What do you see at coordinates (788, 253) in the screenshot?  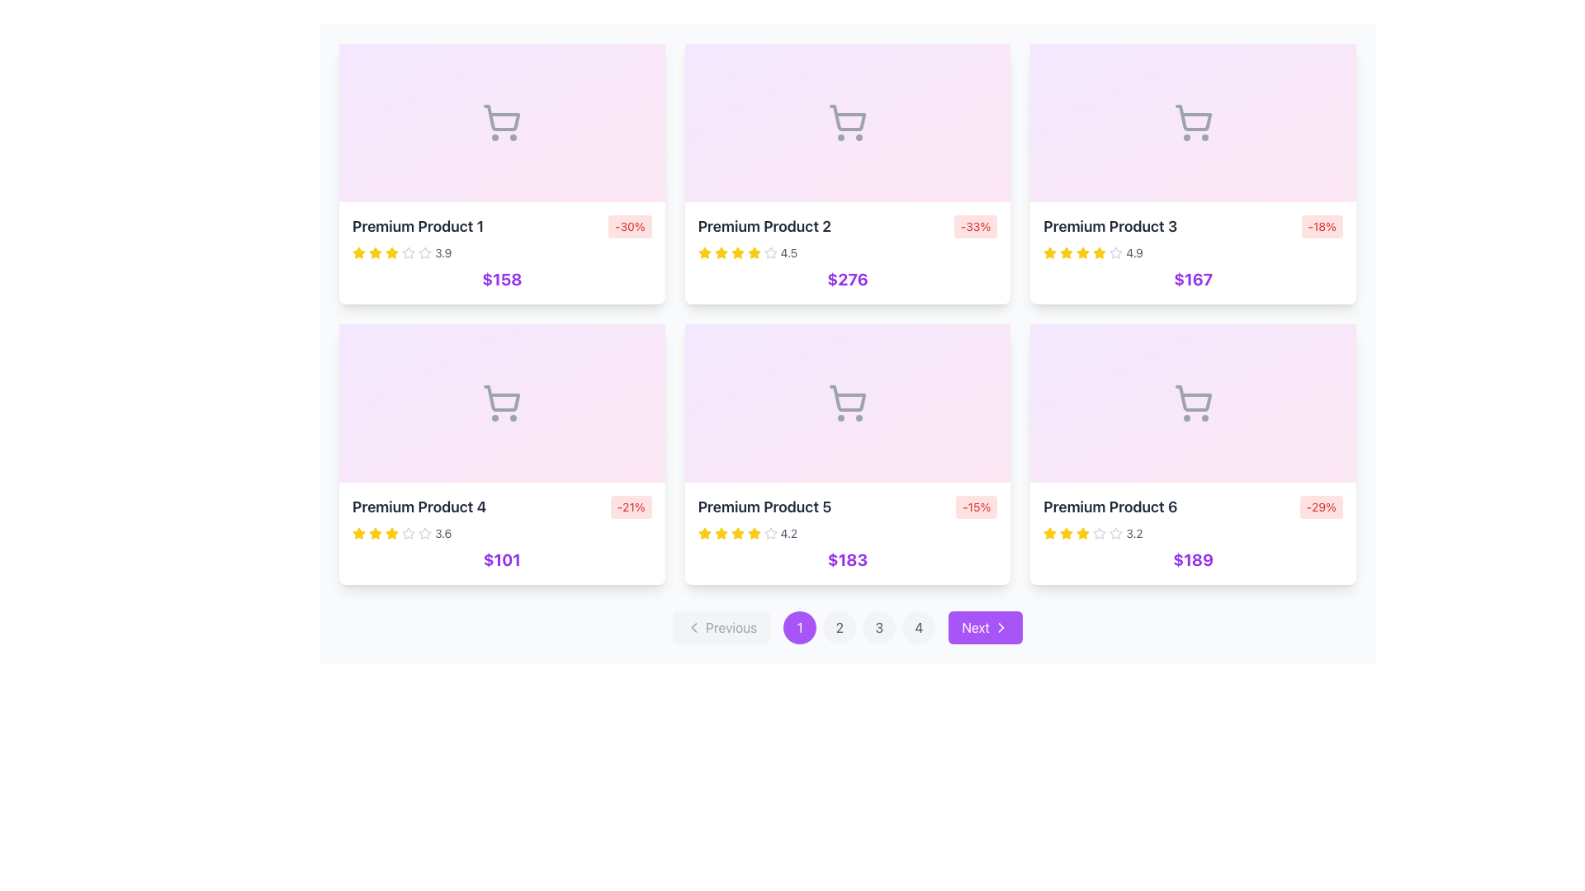 I see `the static text display showing '4.5' in gray color, positioned next to the yellow star-shaped rating icons in the second product card of the second row` at bounding box center [788, 253].